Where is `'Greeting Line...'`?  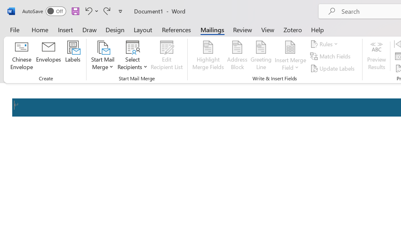
'Greeting Line...' is located at coordinates (261, 56).